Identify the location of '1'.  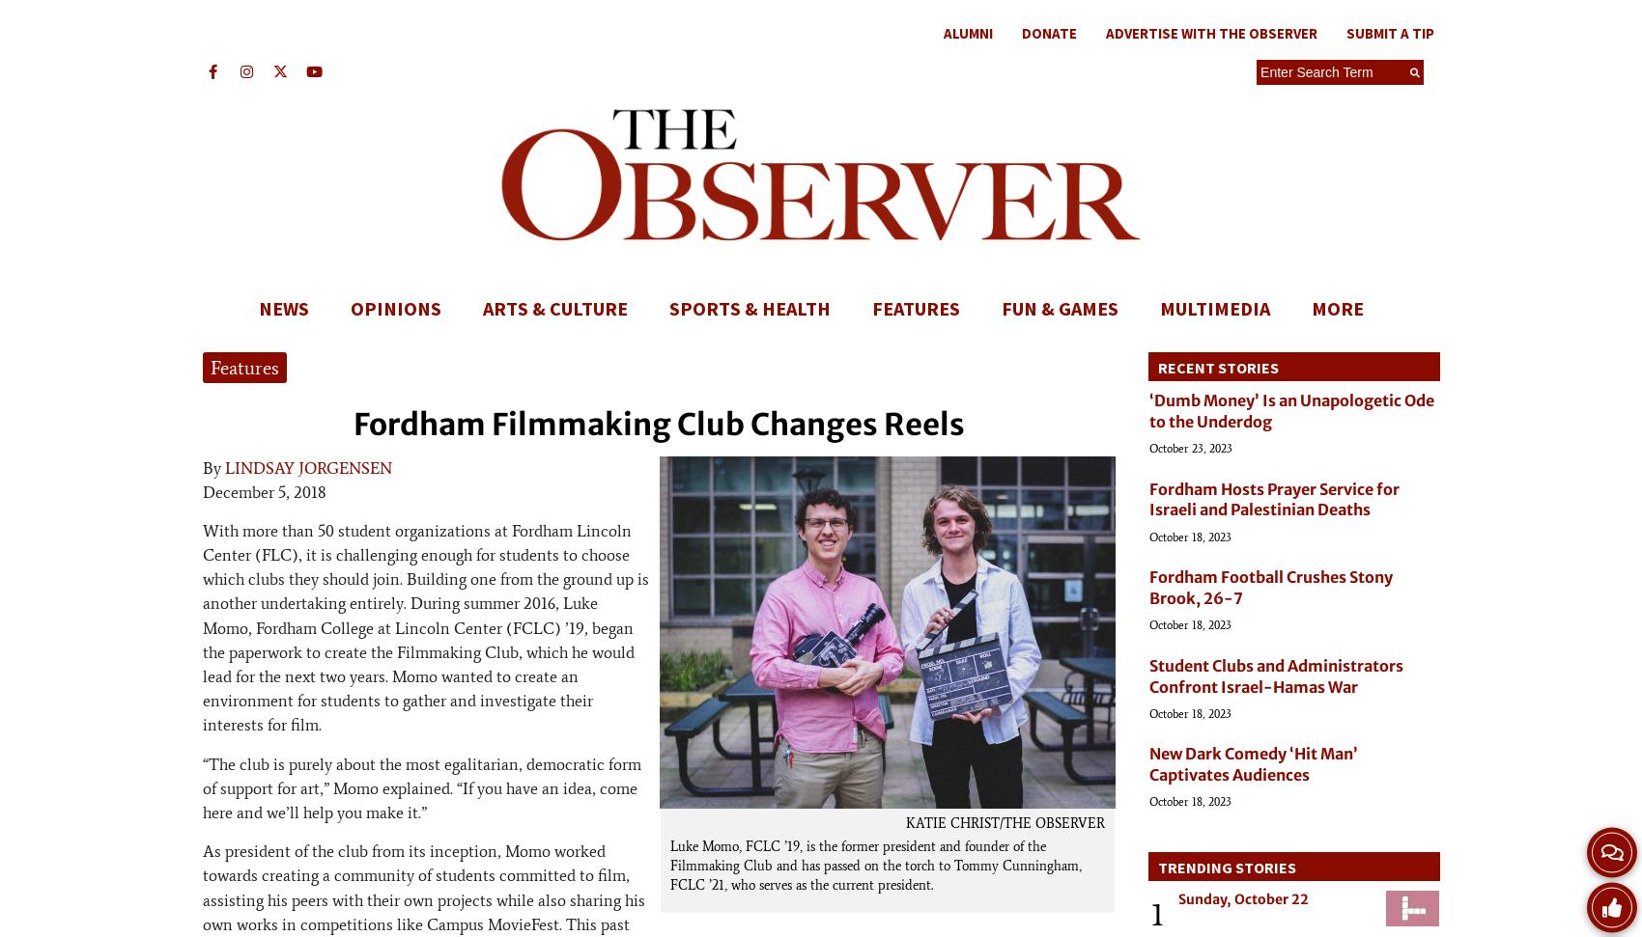
(1156, 913).